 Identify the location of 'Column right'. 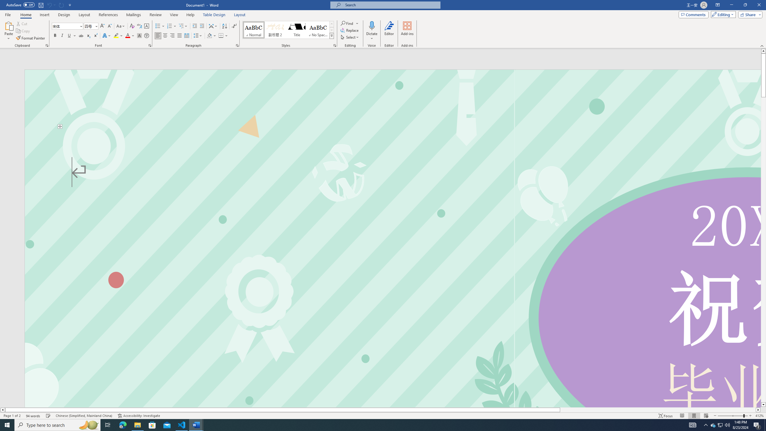
(758, 409).